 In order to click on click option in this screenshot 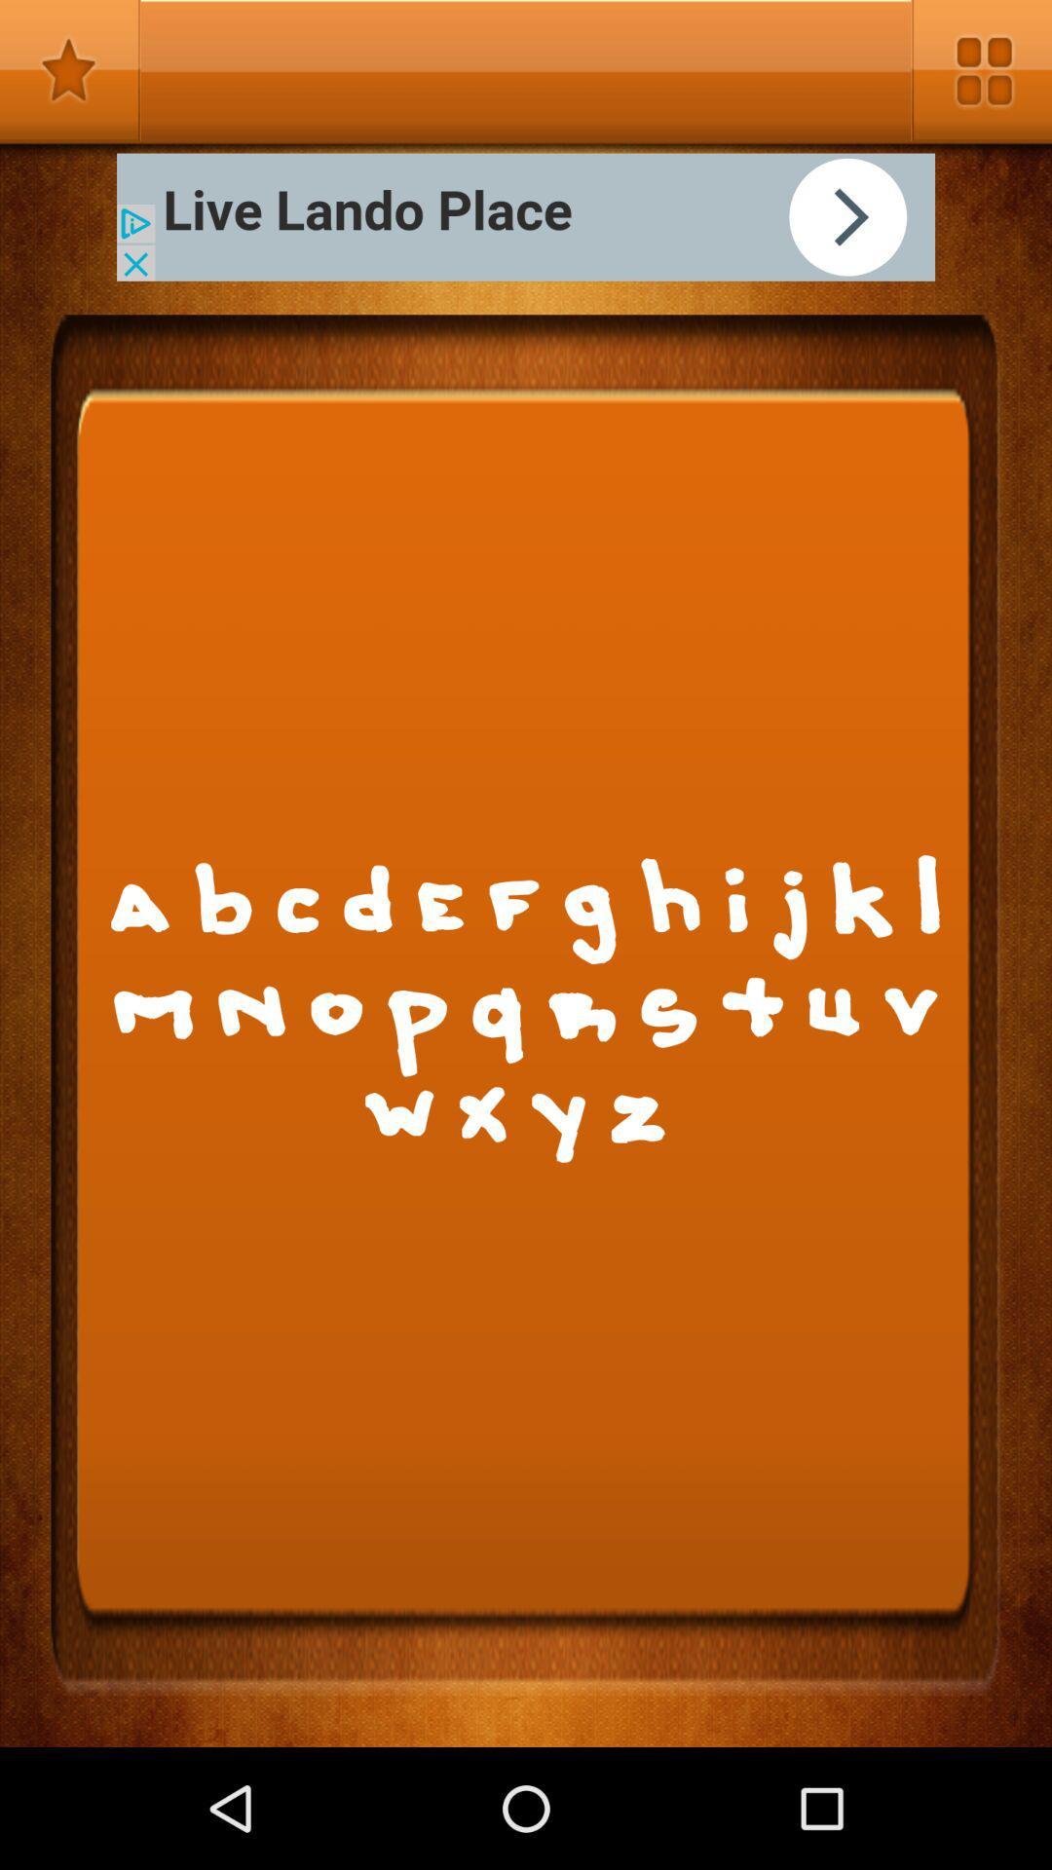, I will do `click(526, 217)`.